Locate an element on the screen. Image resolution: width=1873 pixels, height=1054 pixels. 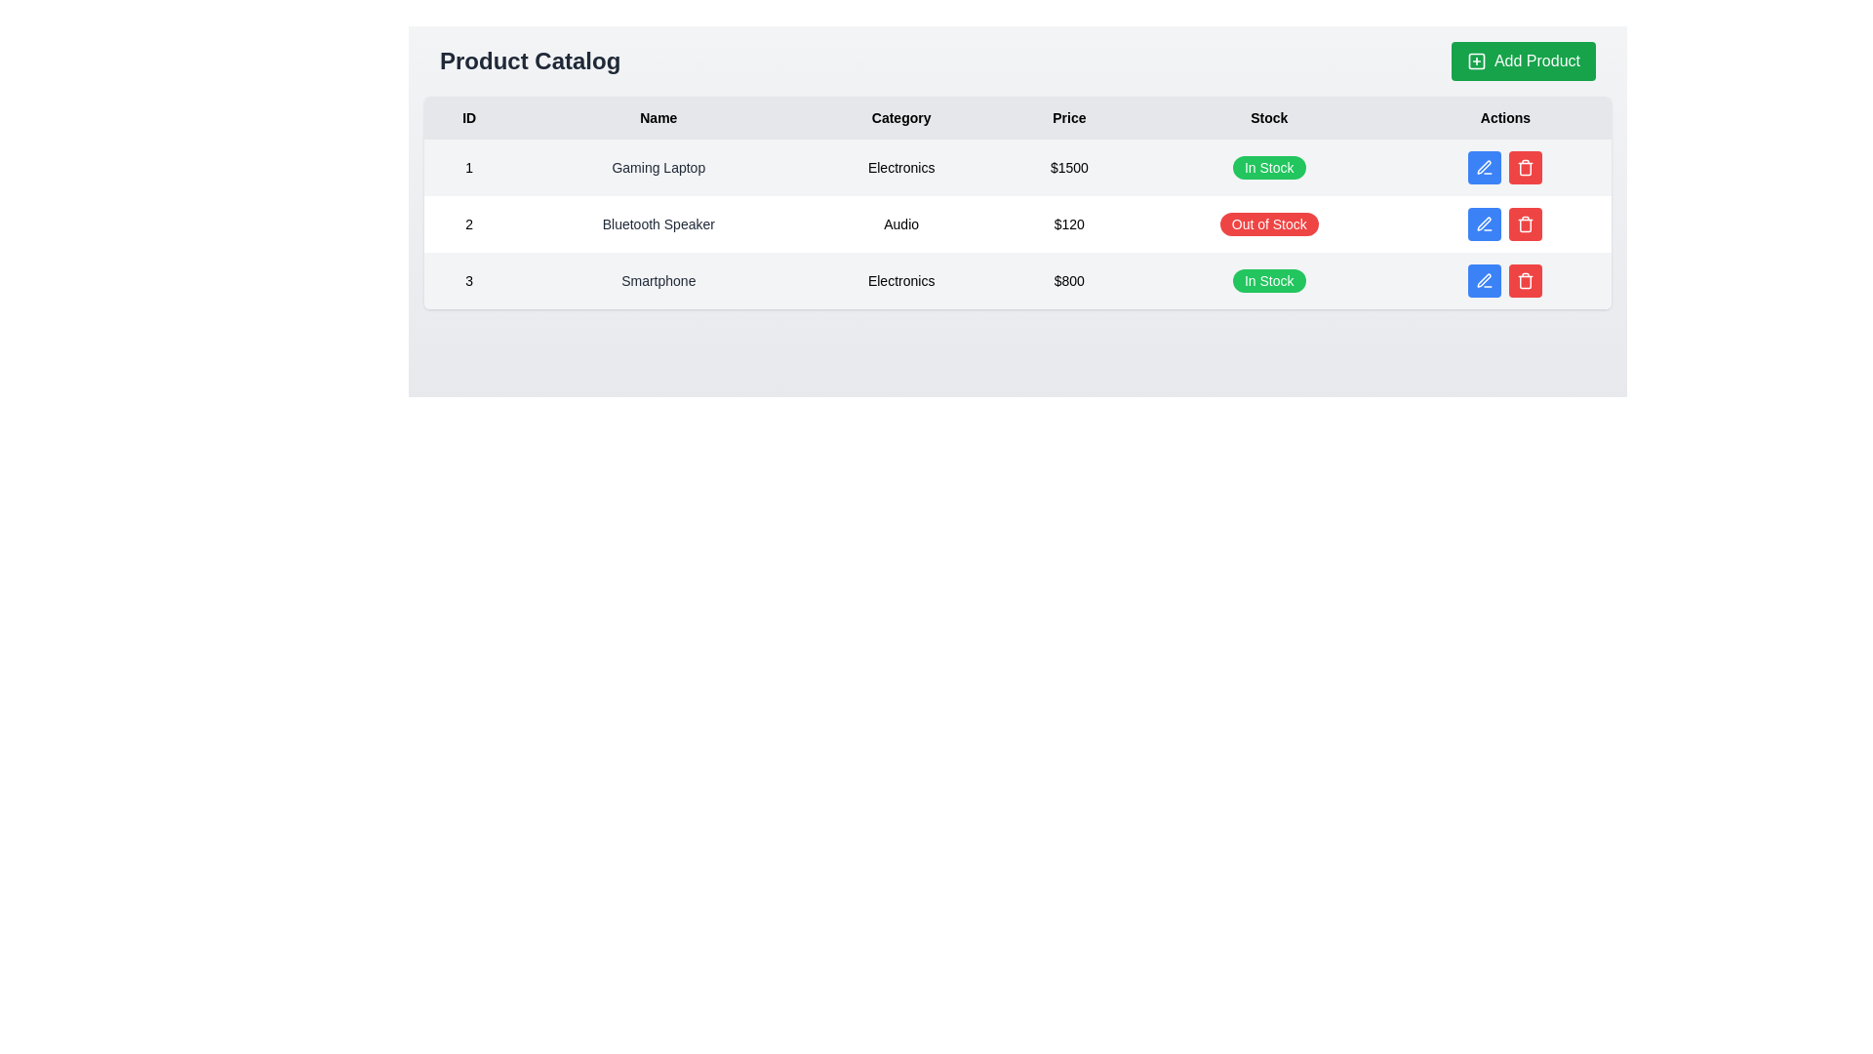
the trash bin icon with a red background located in the 'Actions' column of the second row in the 'Product Catalog' to initiate the delete action is located at coordinates (1525, 167).